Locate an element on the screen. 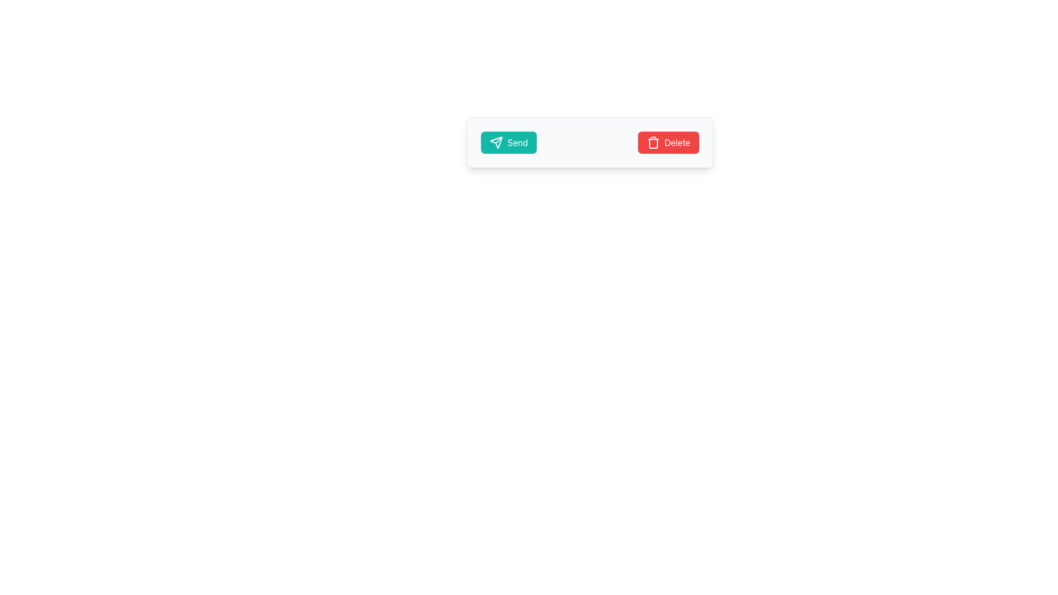  the trash can icon, which is part of the 'Delete' button with red text and background, located to the right of the green 'Send' button is located at coordinates (653, 142).